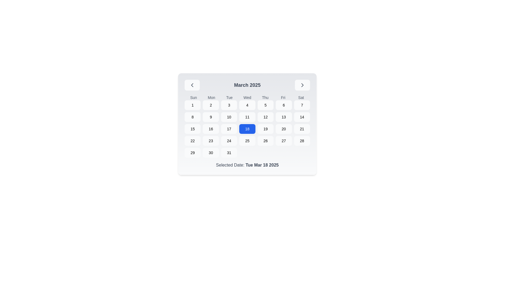 The height and width of the screenshot is (292, 519). What do you see at coordinates (302, 85) in the screenshot?
I see `the right chevron button` at bounding box center [302, 85].